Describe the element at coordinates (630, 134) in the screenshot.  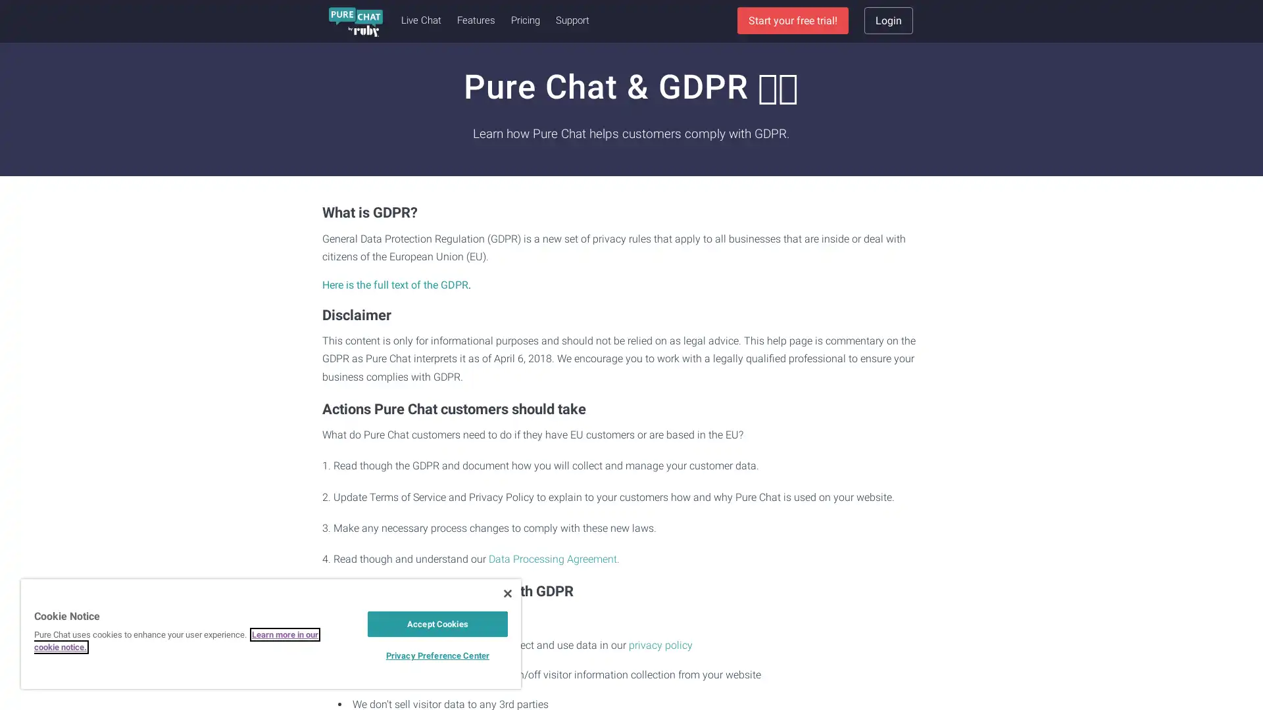
I see `Sign Up` at that location.